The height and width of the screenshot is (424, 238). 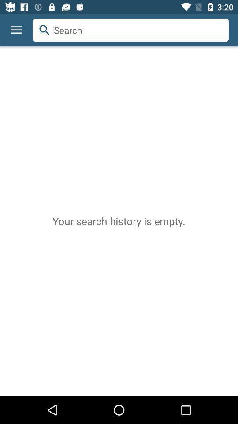 I want to click on the item above the your search history icon, so click(x=130, y=30).